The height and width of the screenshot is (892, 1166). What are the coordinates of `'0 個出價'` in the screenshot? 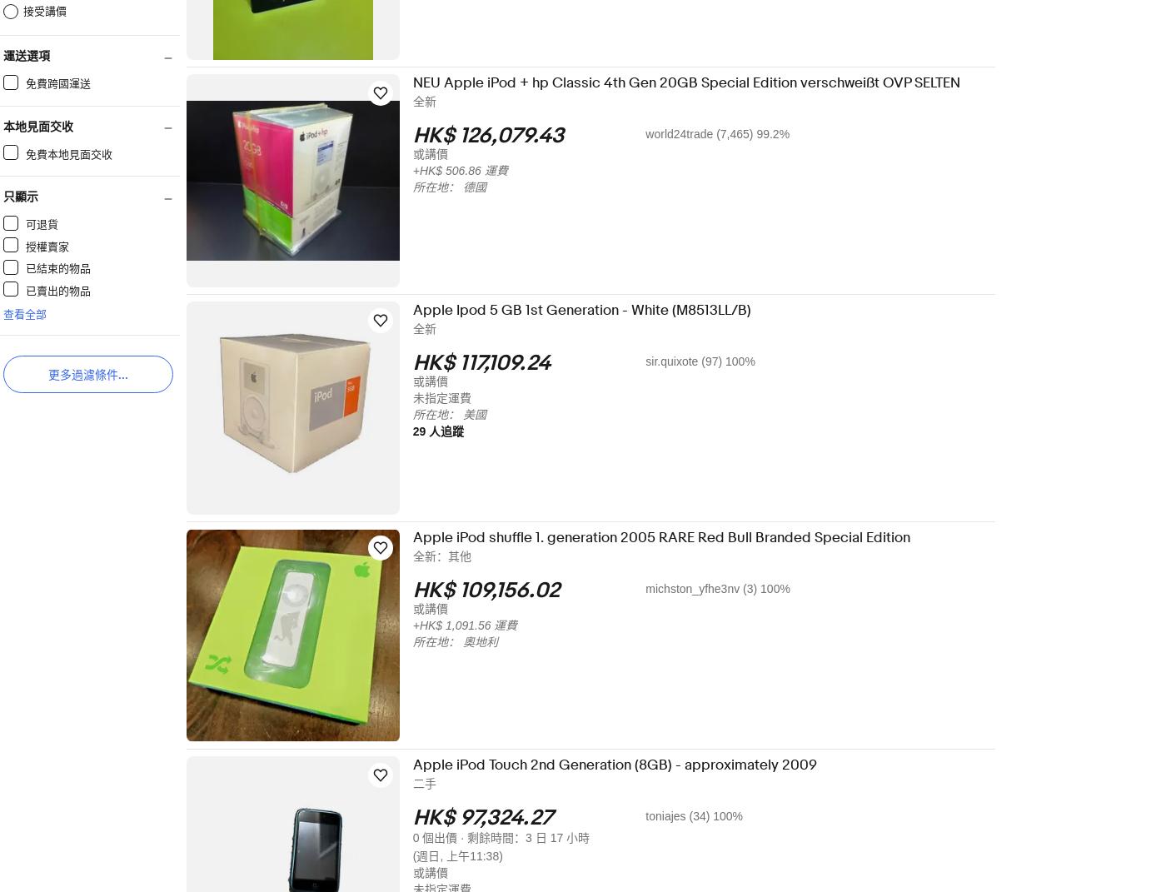 It's located at (446, 837).